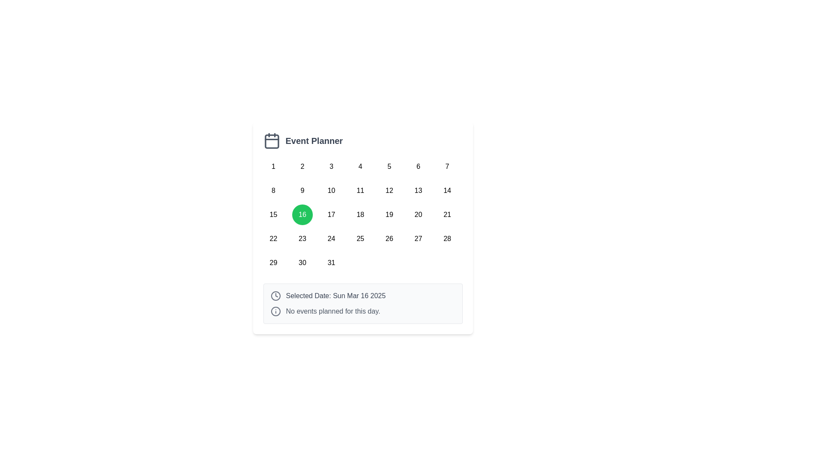 This screenshot has height=464, width=825. I want to click on the clock icon, which is a gray circular icon with thin intersecting lines representing the time, located at the leftmost side of the row displaying 'Selected Date: Sun Mar 16 2025', so click(275, 296).